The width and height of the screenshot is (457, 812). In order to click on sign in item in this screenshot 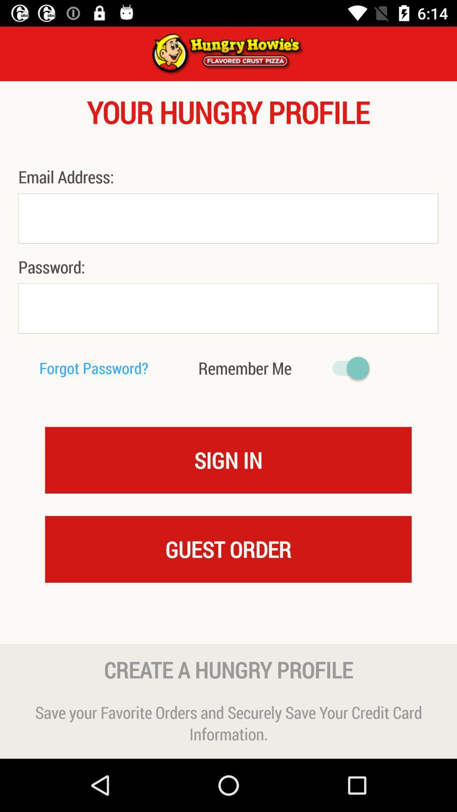, I will do `click(228, 459)`.